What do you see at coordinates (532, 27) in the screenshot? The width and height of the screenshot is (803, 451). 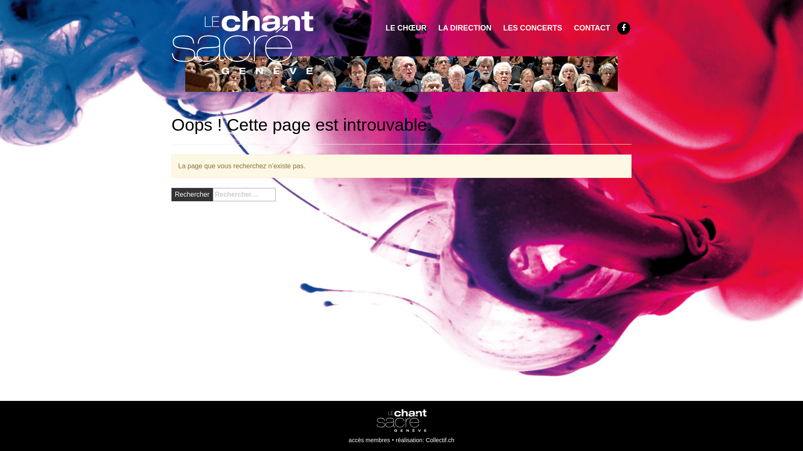 I see `'LES CONCERTS'` at bounding box center [532, 27].